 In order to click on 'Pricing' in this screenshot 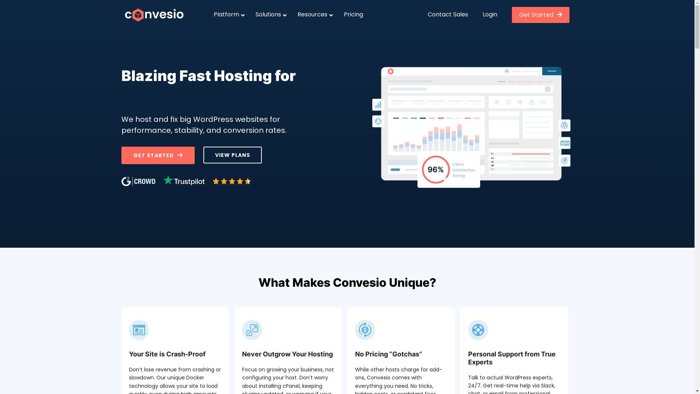, I will do `click(353, 15)`.